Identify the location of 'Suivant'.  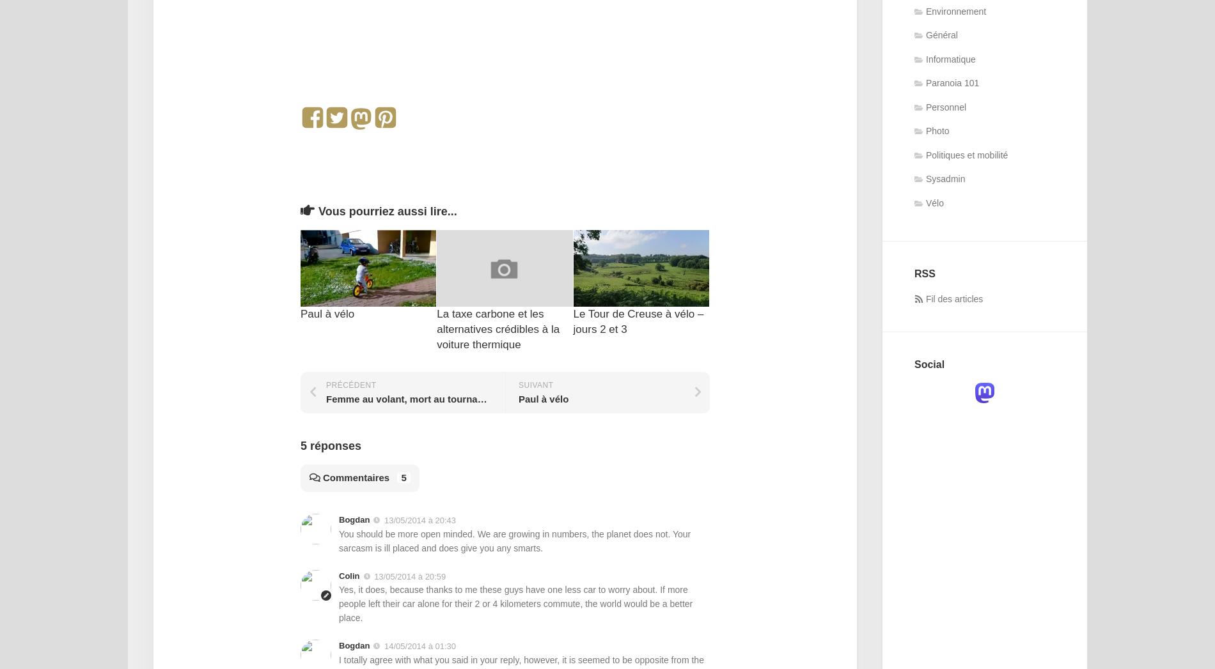
(535, 384).